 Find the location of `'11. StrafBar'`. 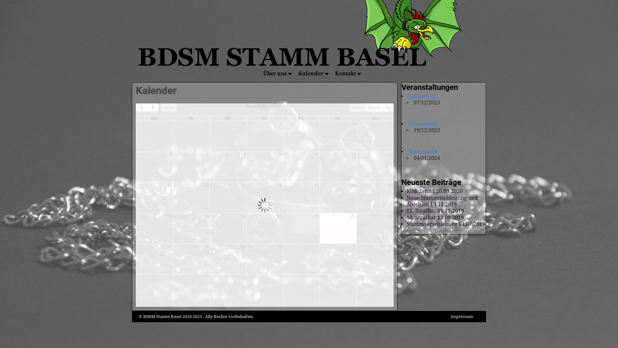

'11. StrafBar' is located at coordinates (421, 211).